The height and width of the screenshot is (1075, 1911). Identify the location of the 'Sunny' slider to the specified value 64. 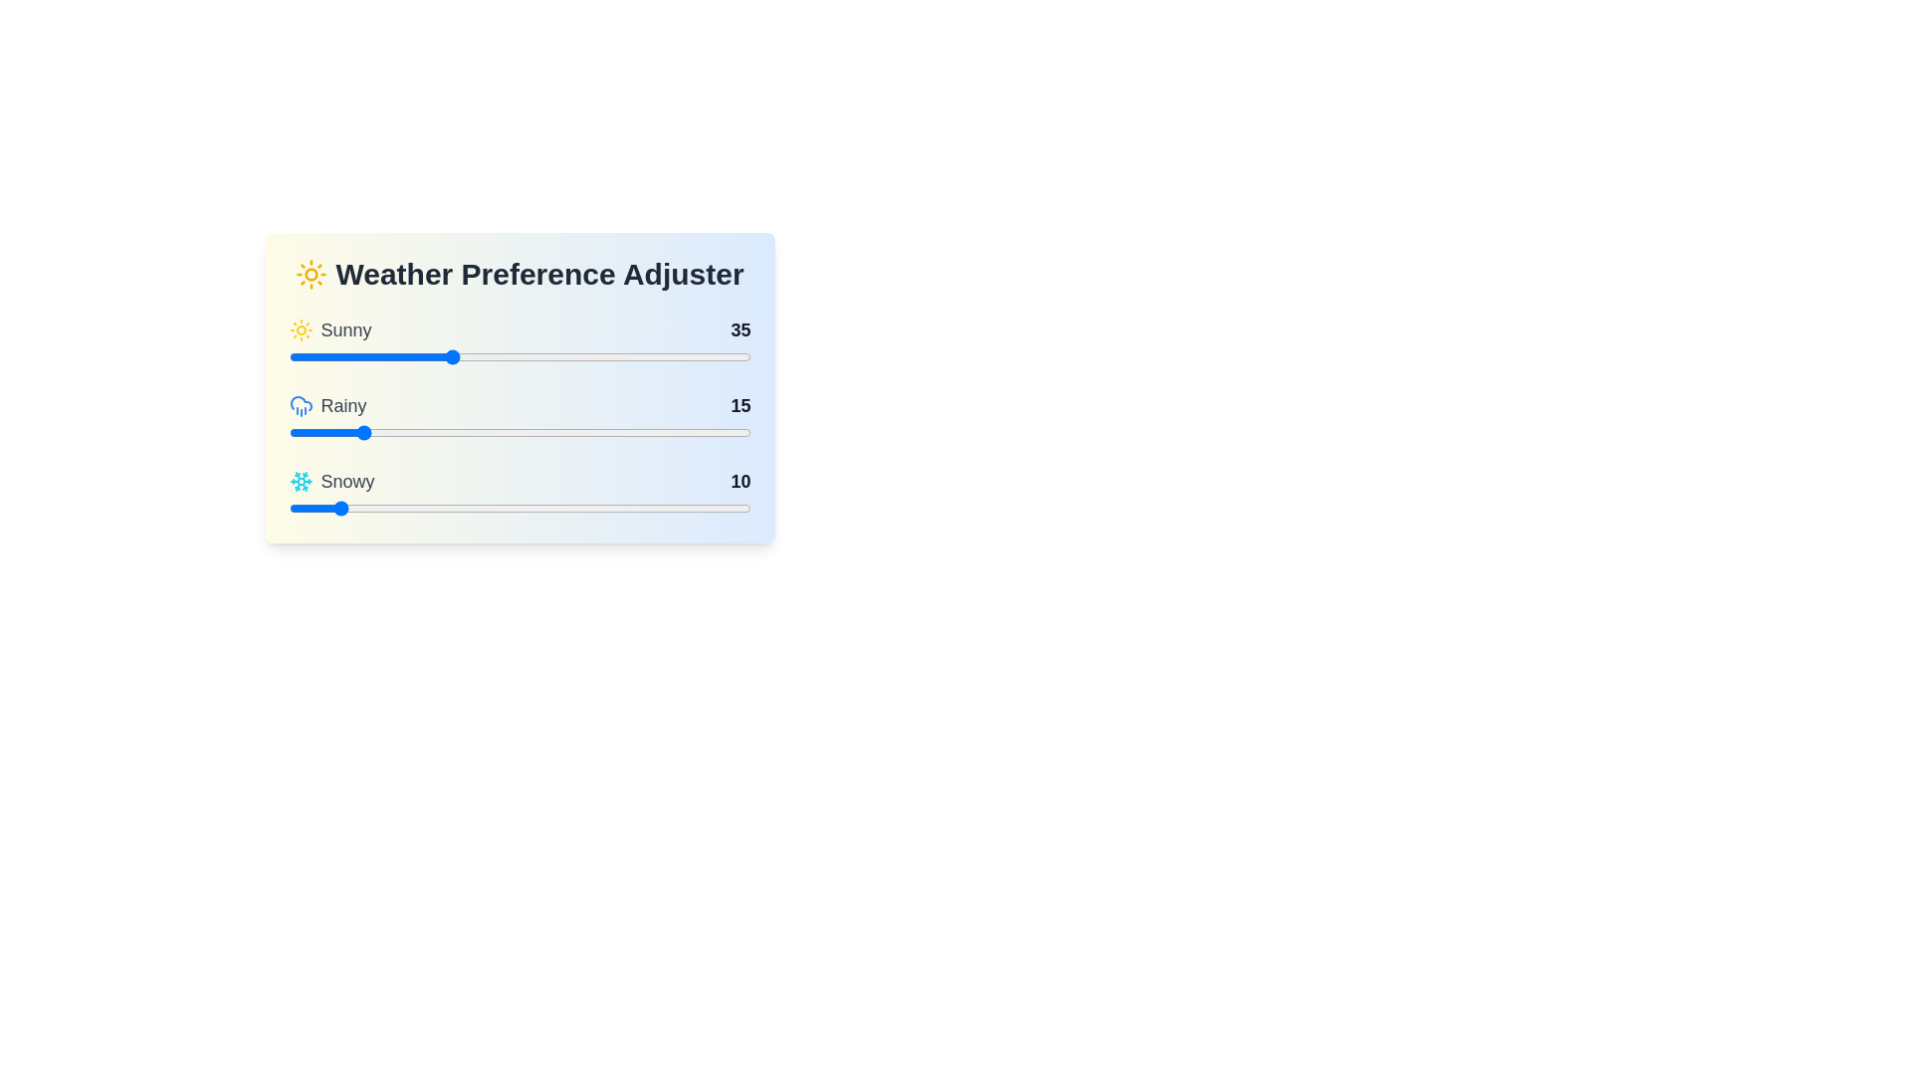
(583, 355).